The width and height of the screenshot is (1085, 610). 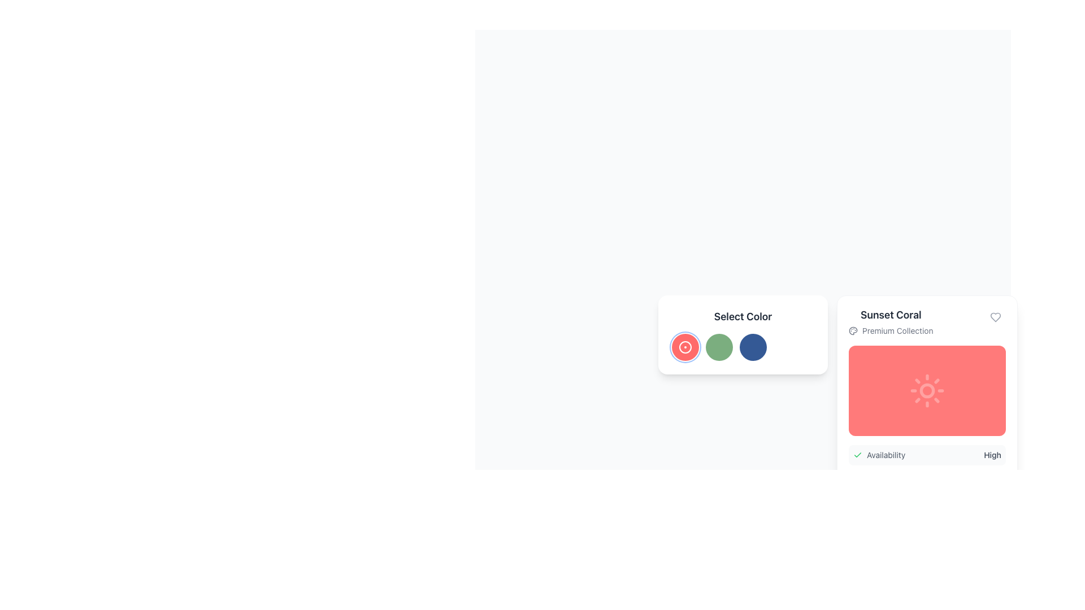 What do you see at coordinates (890, 330) in the screenshot?
I see `the 'Premium Collection' label, which features a small, subdued gray font and a palette icon to the left, located below the 'Sunset Coral' heading` at bounding box center [890, 330].